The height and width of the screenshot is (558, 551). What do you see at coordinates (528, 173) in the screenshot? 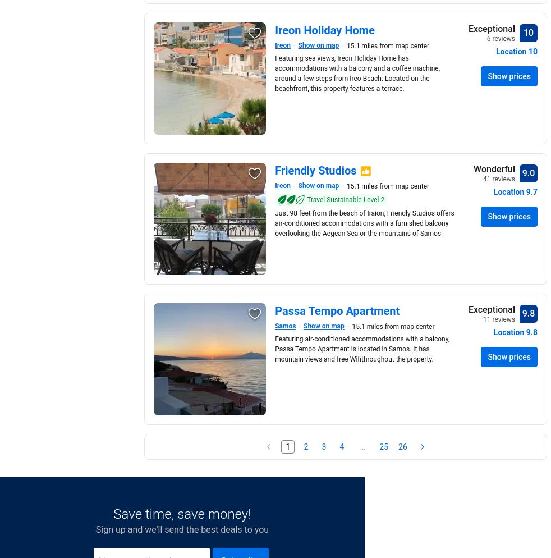
I see `'9.0'` at bounding box center [528, 173].